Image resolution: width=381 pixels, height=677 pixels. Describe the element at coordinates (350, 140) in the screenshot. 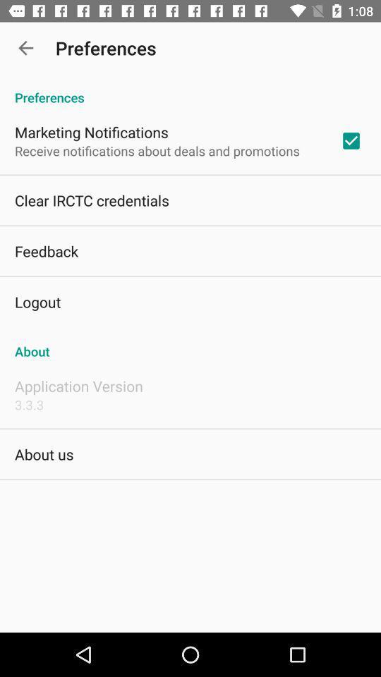

I see `the checkbox at the top right corner` at that location.